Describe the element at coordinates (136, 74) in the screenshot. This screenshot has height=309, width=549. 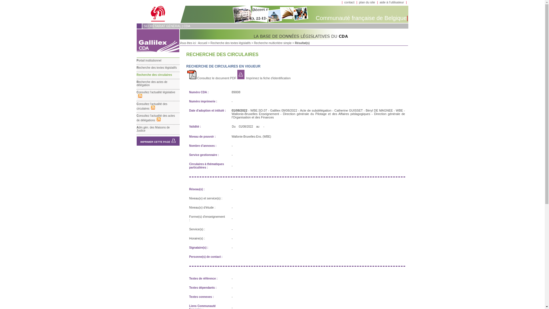
I see `'Recherche des circulaires'` at that location.